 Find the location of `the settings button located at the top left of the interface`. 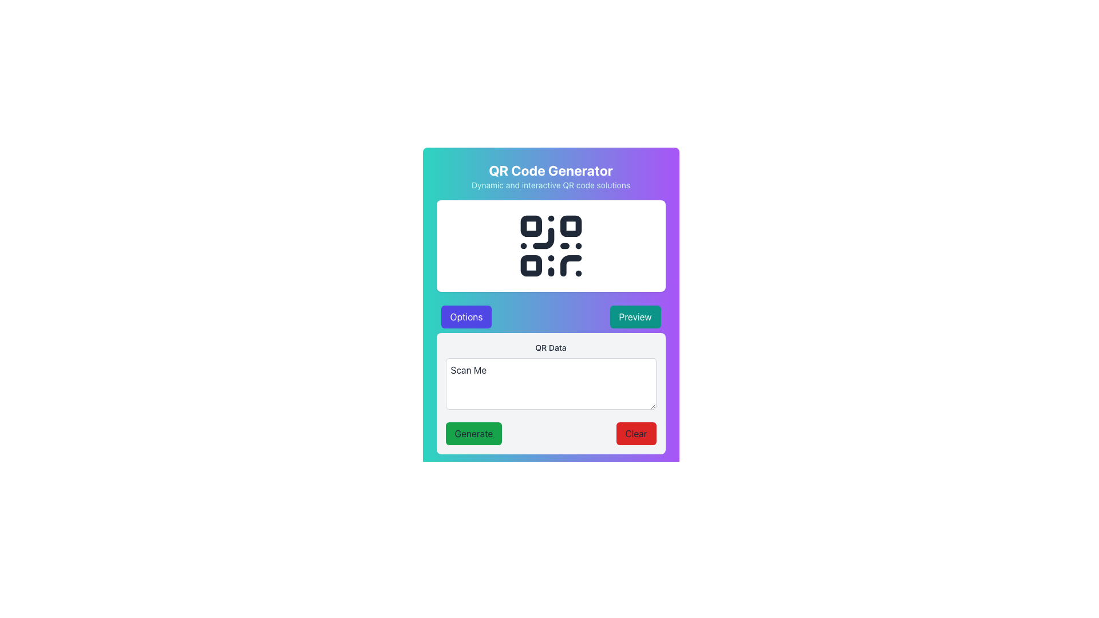

the settings button located at the top left of the interface is located at coordinates (466, 317).